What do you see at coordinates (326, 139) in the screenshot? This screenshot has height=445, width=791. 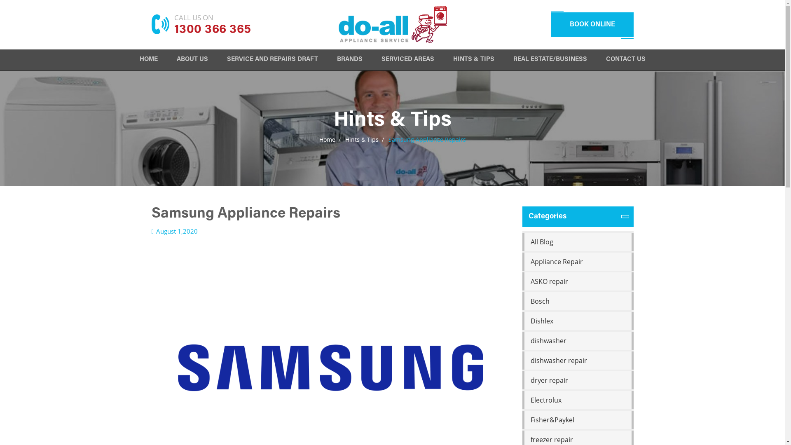 I see `'Home'` at bounding box center [326, 139].